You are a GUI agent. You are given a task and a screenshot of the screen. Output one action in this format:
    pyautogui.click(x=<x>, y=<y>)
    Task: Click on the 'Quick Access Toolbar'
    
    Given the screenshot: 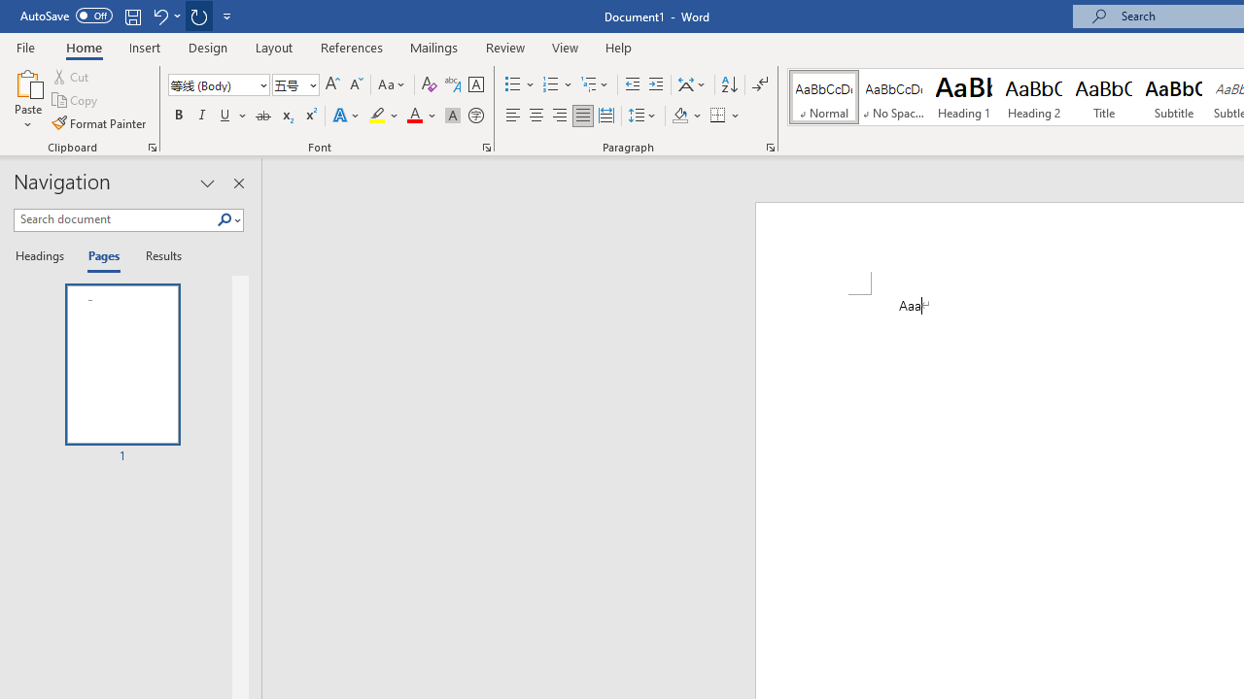 What is the action you would take?
    pyautogui.click(x=126, y=16)
    